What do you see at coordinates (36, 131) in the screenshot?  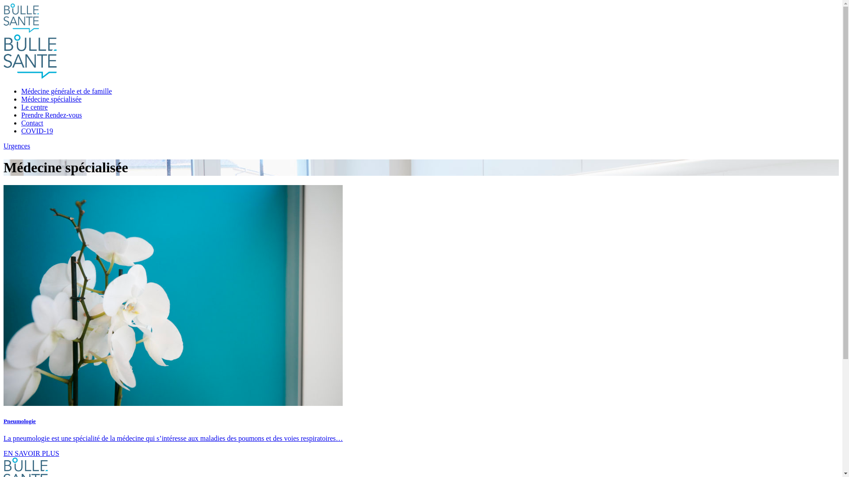 I see `'COVID-19'` at bounding box center [36, 131].